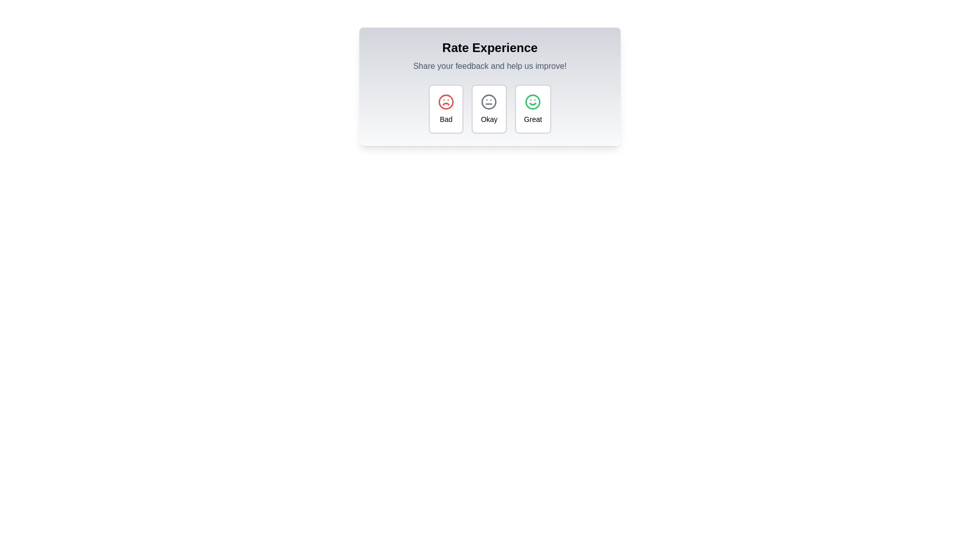 The width and height of the screenshot is (980, 551). Describe the element at coordinates (488, 109) in the screenshot. I see `the 'Okay' button, which features a neutral face icon and is located in the middle of three rating buttons under the 'Rate Experience' header` at that location.